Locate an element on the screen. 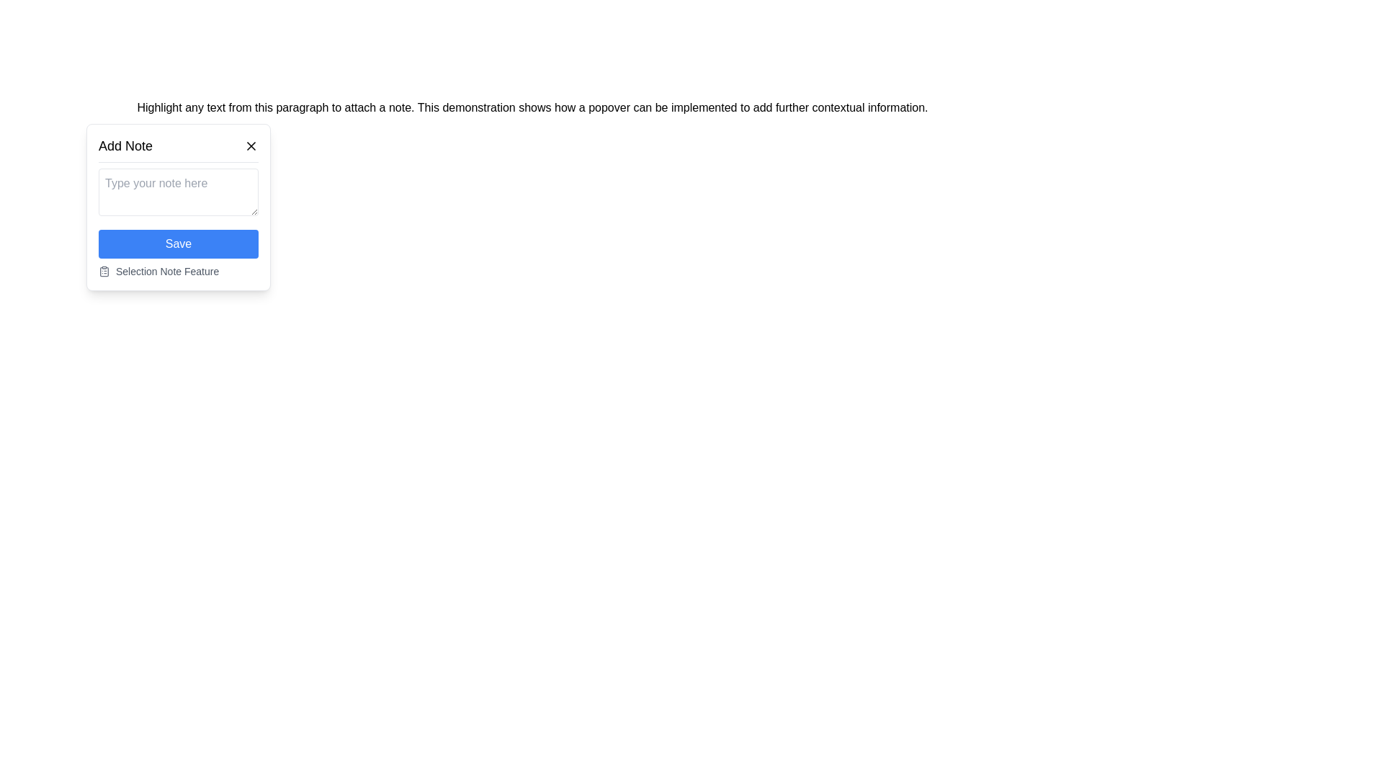  the text label 'Selection Note Feature' located at the bottom of the 'Add Note' feature popover, which indicates the function of the component is located at coordinates (167, 272).